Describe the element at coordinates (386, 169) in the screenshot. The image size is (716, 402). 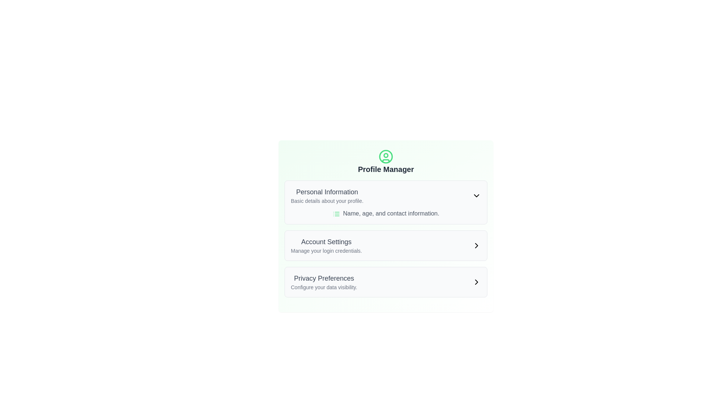
I see `the Text Label that serves as the header for the profile management interface, located below the green user icon graphic` at that location.